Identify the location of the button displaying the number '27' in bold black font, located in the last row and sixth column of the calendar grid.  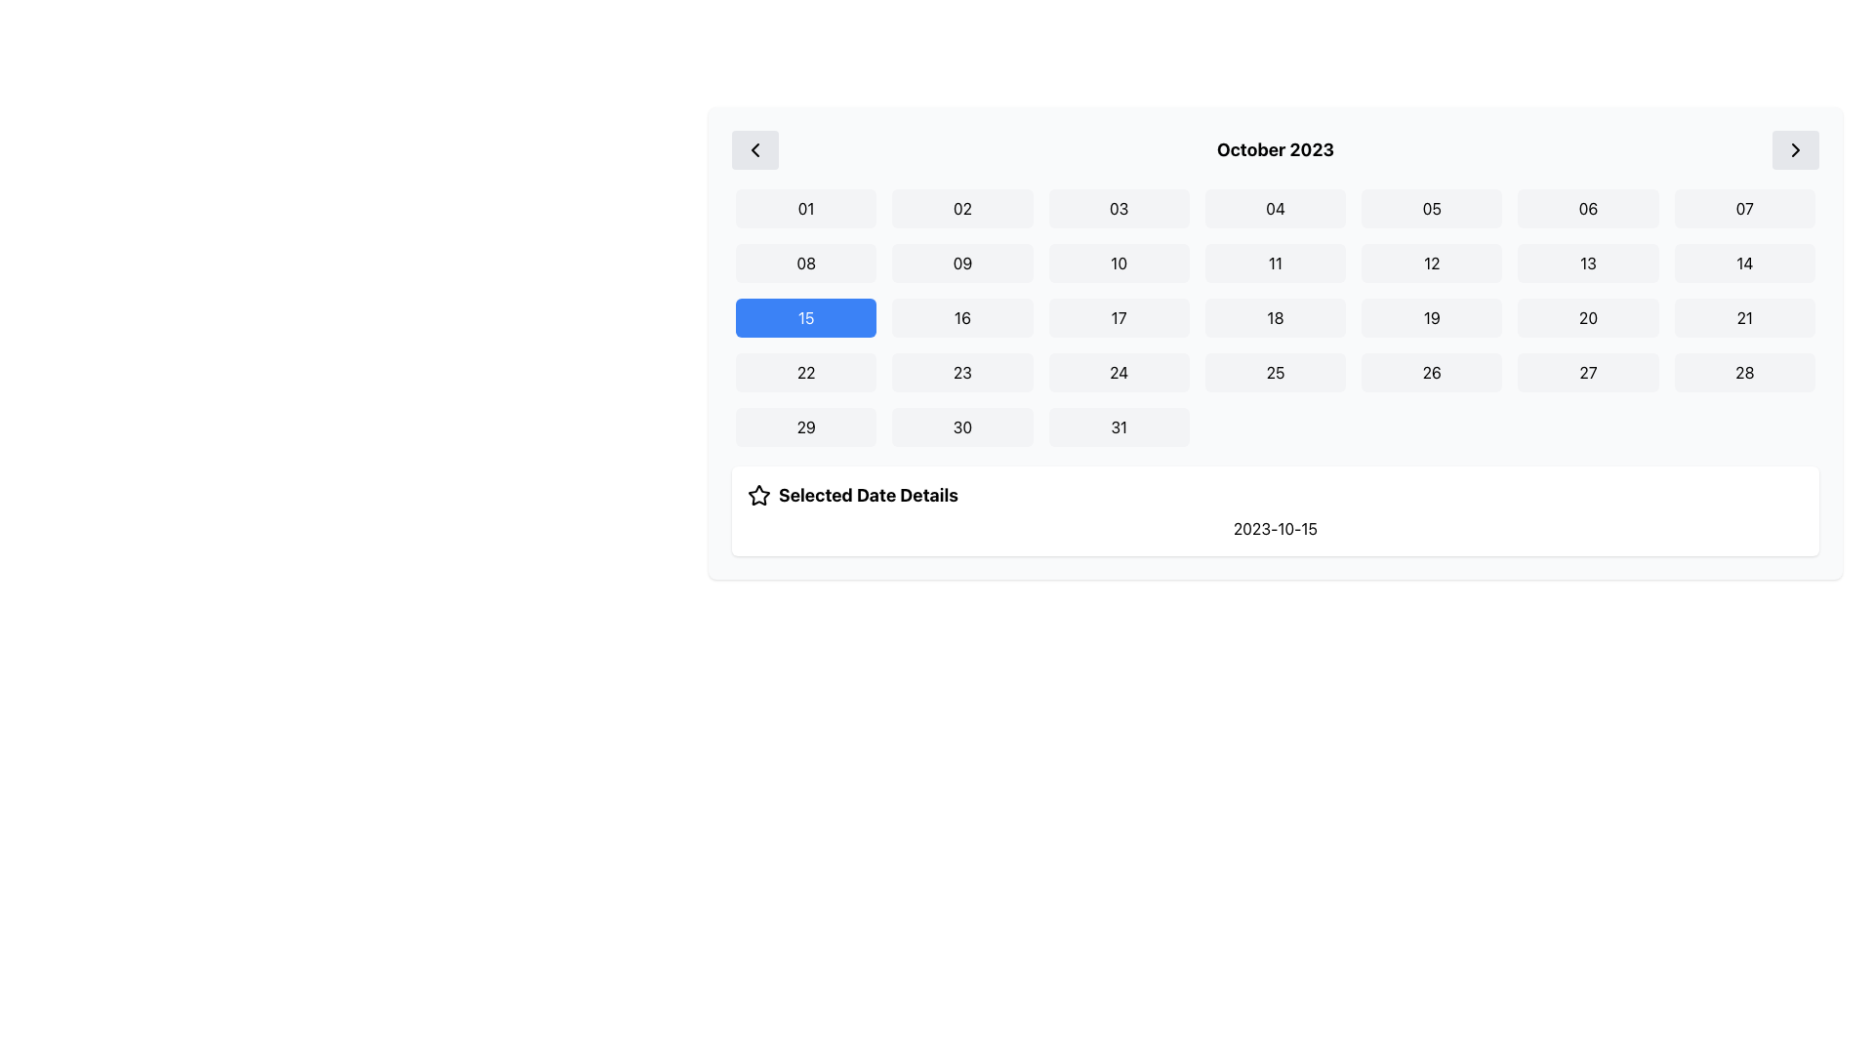
(1588, 372).